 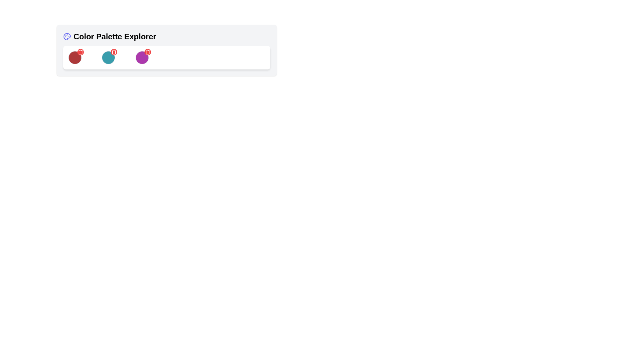 I want to click on the small, circular red delete button with a white trash icon located at the top-right corner of the purple circular element in the 'Color Palette Explorer' interface, so click(x=147, y=51).